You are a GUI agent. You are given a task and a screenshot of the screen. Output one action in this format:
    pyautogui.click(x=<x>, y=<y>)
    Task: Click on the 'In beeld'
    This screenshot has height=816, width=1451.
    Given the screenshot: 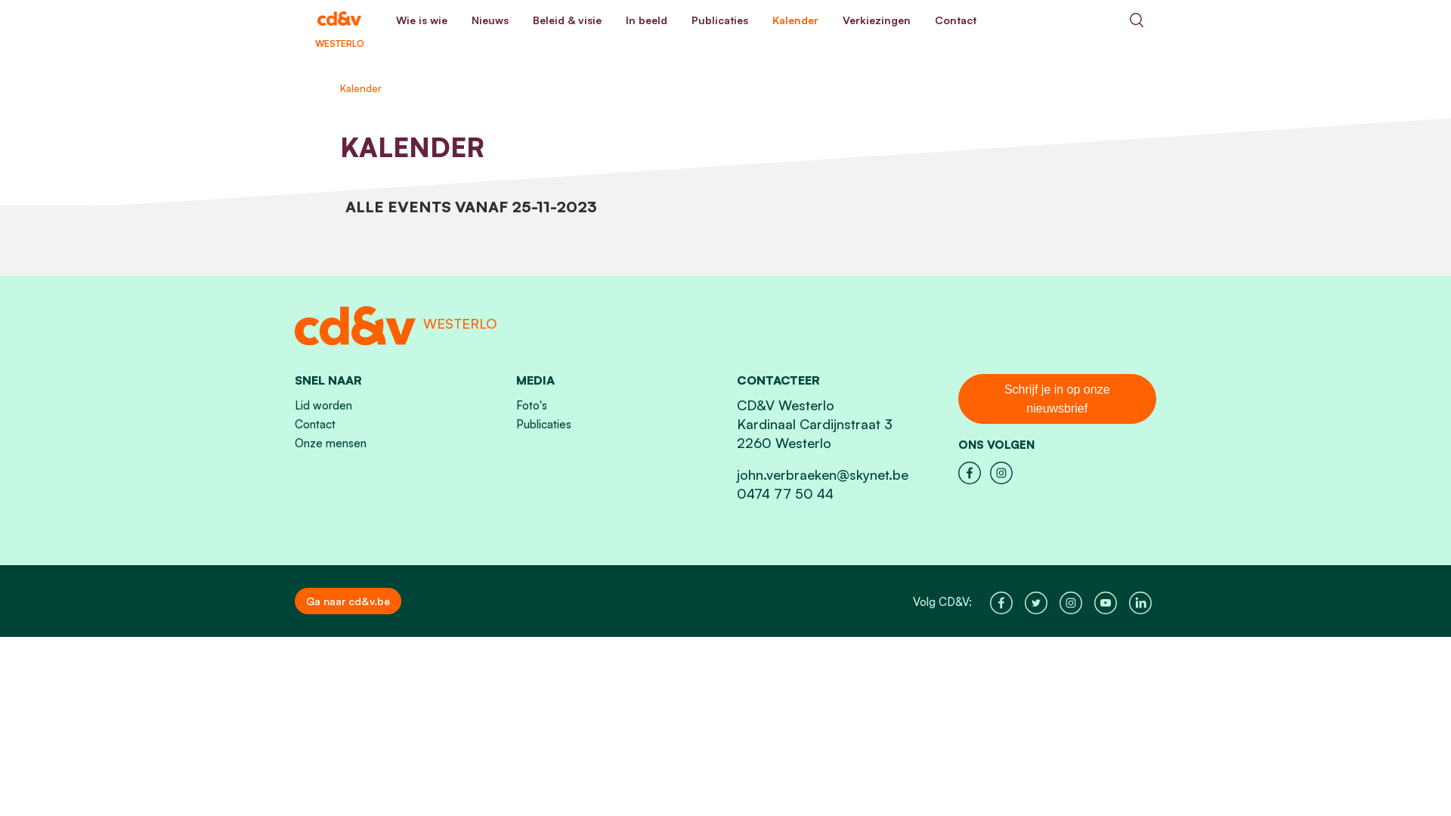 What is the action you would take?
    pyautogui.click(x=646, y=20)
    